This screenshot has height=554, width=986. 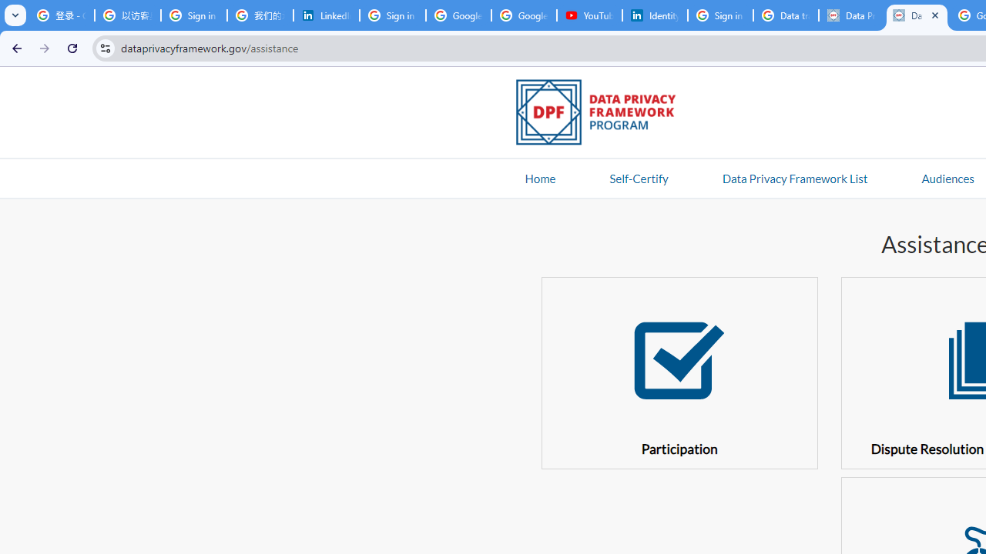 I want to click on 'Self-Certify', so click(x=639, y=177).